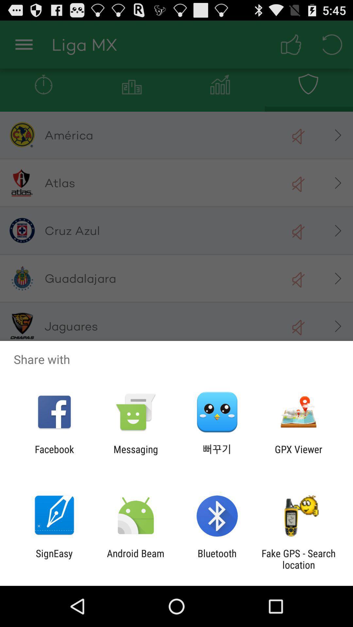 Image resolution: width=353 pixels, height=627 pixels. What do you see at coordinates (135, 455) in the screenshot?
I see `messaging app` at bounding box center [135, 455].